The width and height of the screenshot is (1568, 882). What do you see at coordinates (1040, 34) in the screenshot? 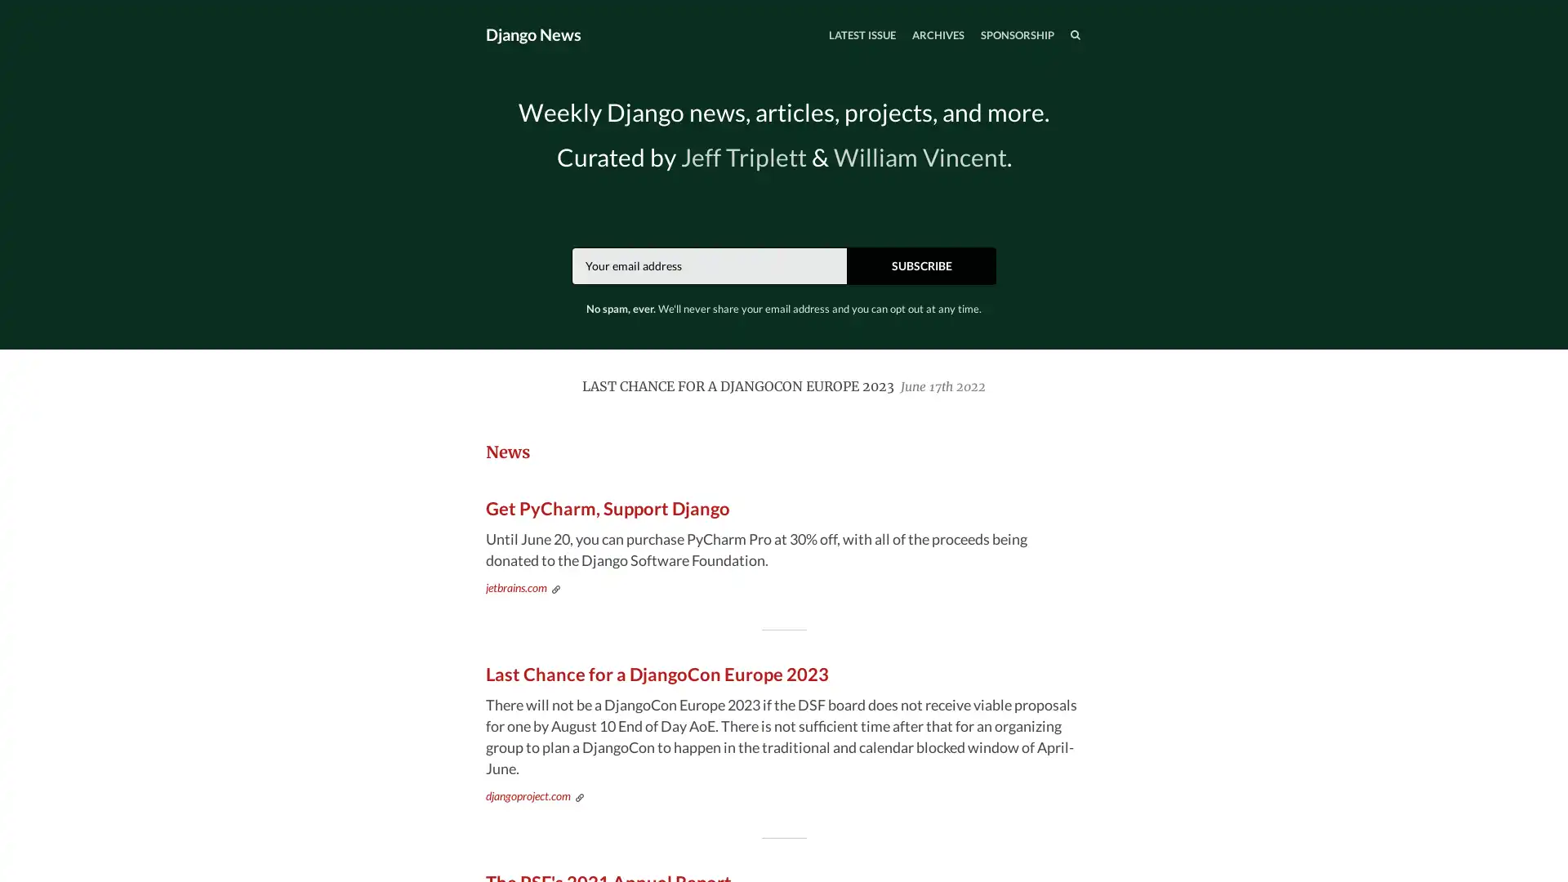
I see `SEARCH` at bounding box center [1040, 34].